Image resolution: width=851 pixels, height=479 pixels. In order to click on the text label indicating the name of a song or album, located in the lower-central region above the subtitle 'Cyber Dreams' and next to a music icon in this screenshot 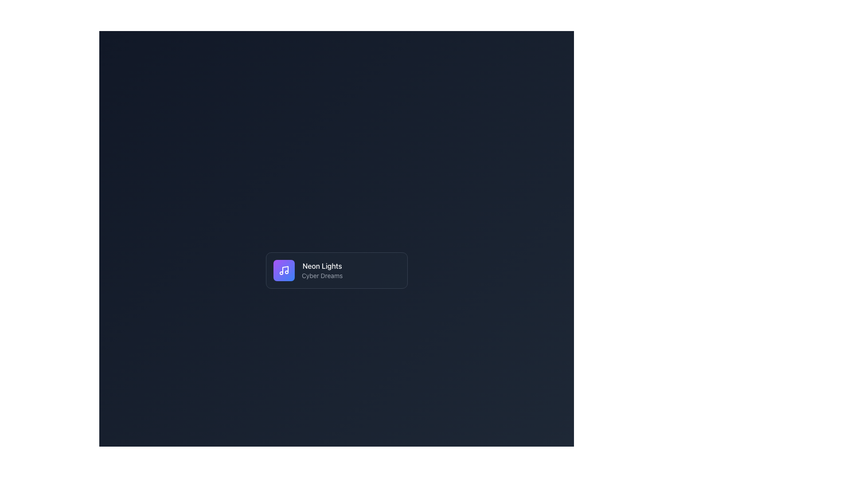, I will do `click(321, 266)`.